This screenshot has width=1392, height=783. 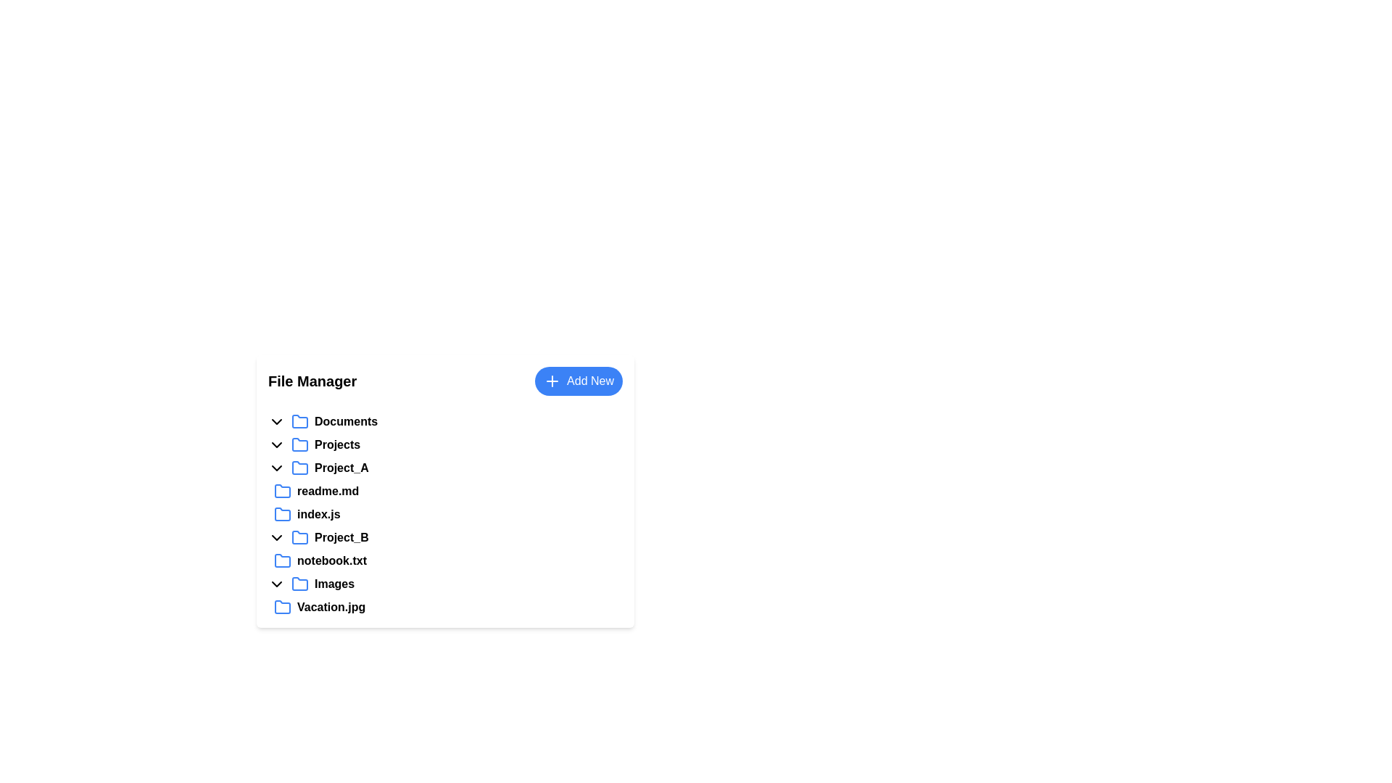 What do you see at coordinates (327, 491) in the screenshot?
I see `the 'readme.md' label in the 'Project_A' directory` at bounding box center [327, 491].